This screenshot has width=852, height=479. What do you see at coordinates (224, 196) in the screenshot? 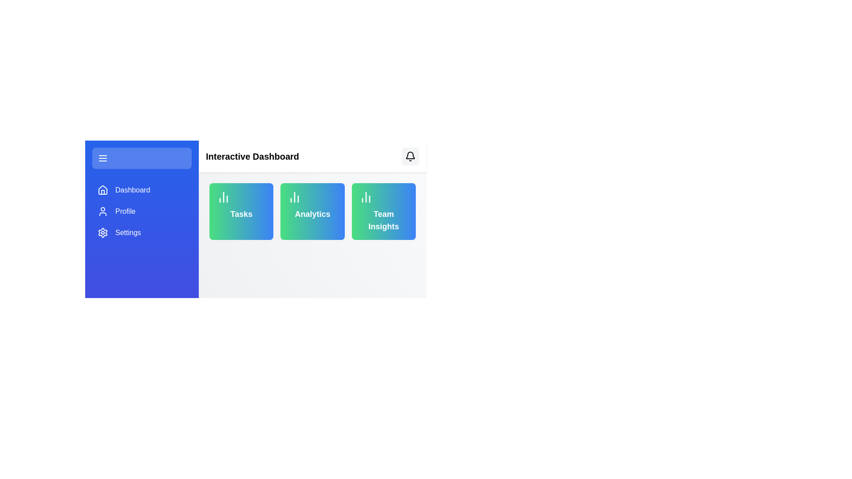
I see `the decorative 'Tasks' icon located in the upper-left area of the 'Tasks' card in the second column of the main dashboard grid` at bounding box center [224, 196].